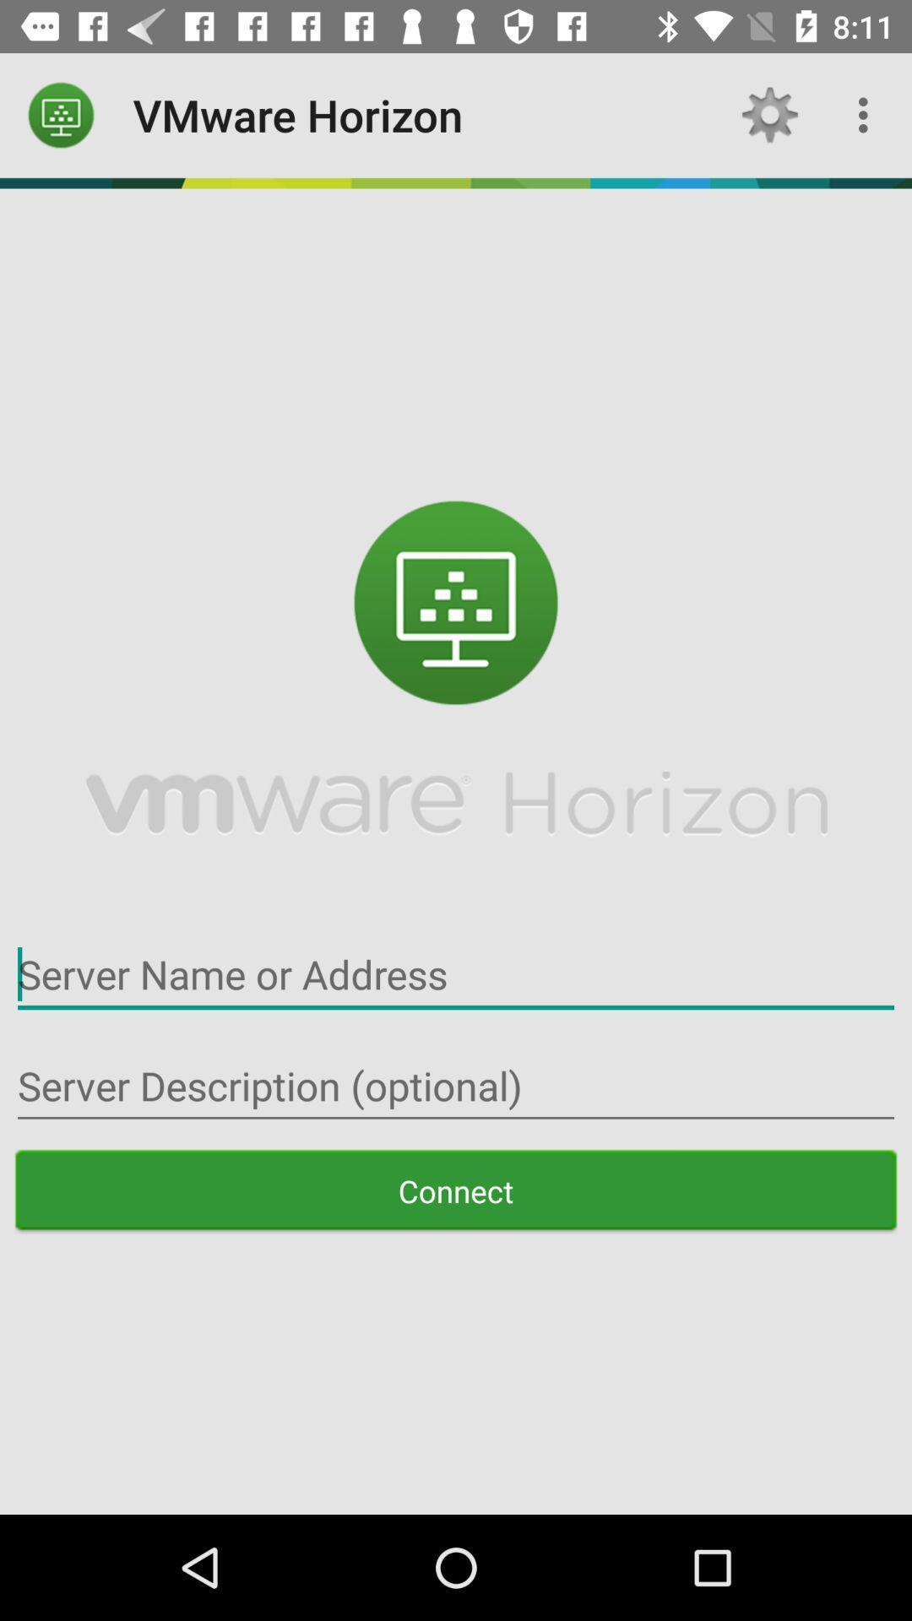  I want to click on server name or address, so click(456, 975).